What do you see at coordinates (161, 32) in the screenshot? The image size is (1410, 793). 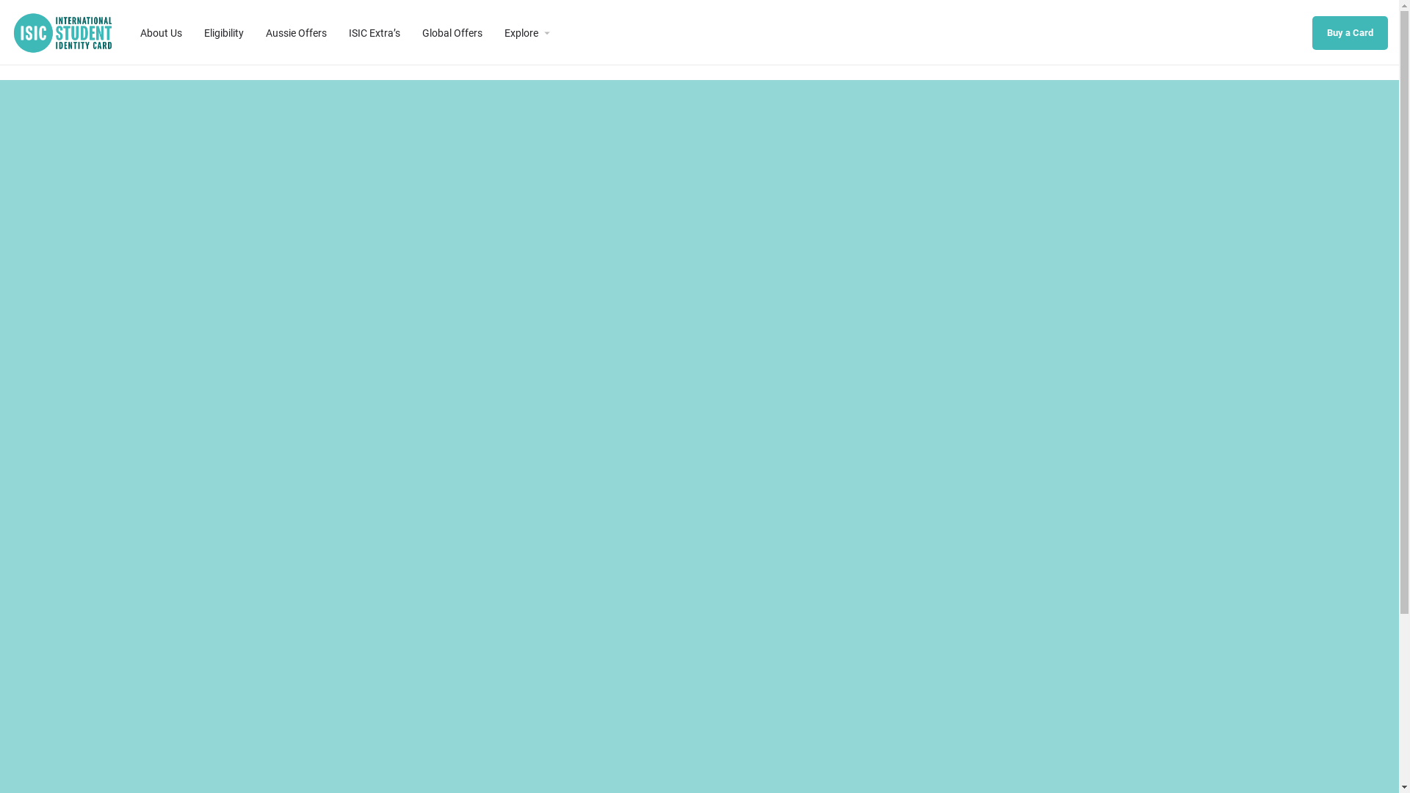 I see `'About Us'` at bounding box center [161, 32].